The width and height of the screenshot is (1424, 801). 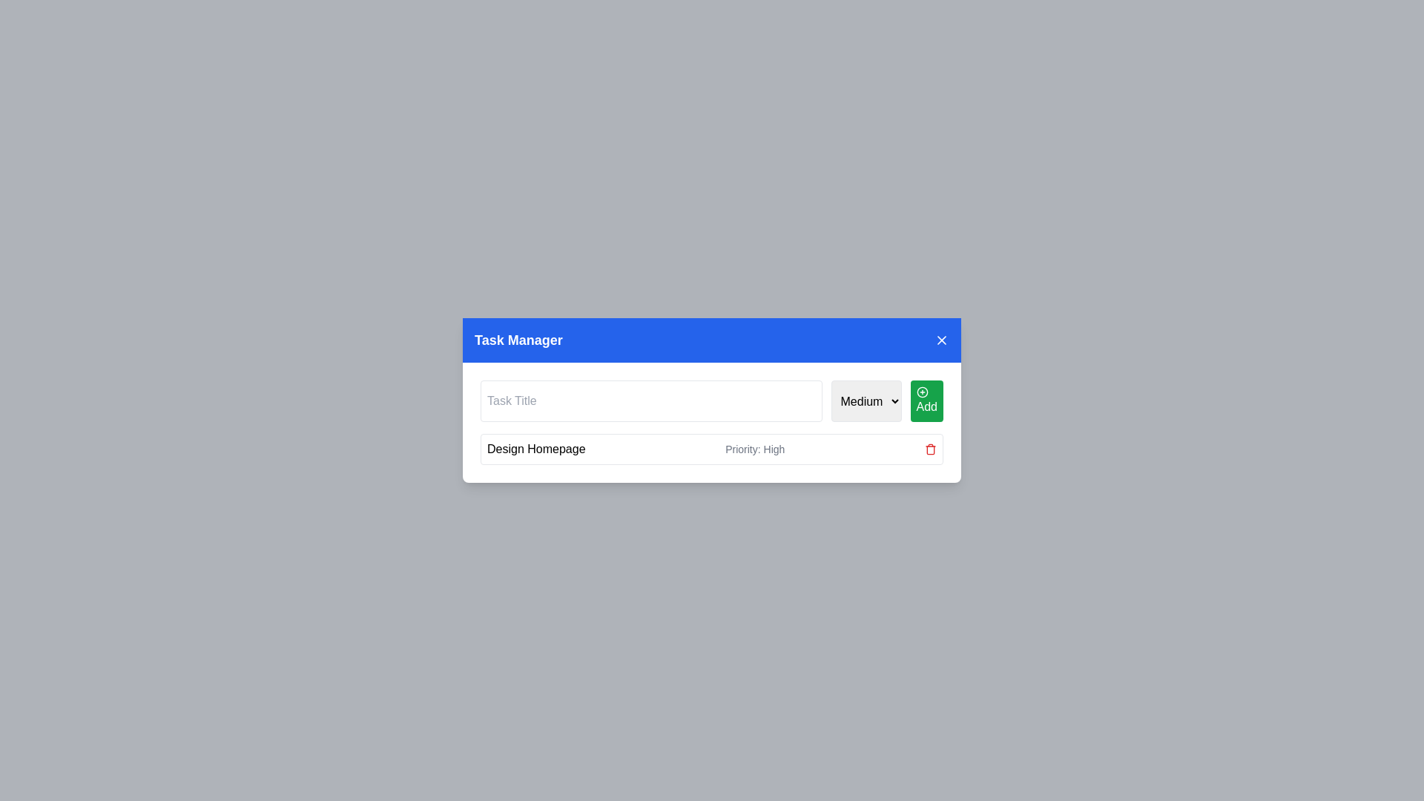 I want to click on the 'Task Manager' text label element which displays in bold font with a blue background and white text, located centrally in the header section of the interface, so click(x=518, y=340).